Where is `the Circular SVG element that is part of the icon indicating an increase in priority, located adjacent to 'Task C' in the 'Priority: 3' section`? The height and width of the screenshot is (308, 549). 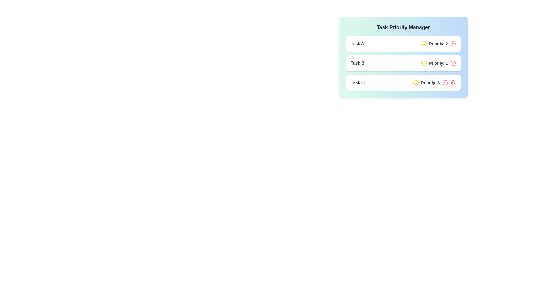 the Circular SVG element that is part of the icon indicating an increase in priority, located adjacent to 'Task C' in the 'Priority: 3' section is located at coordinates (445, 82).